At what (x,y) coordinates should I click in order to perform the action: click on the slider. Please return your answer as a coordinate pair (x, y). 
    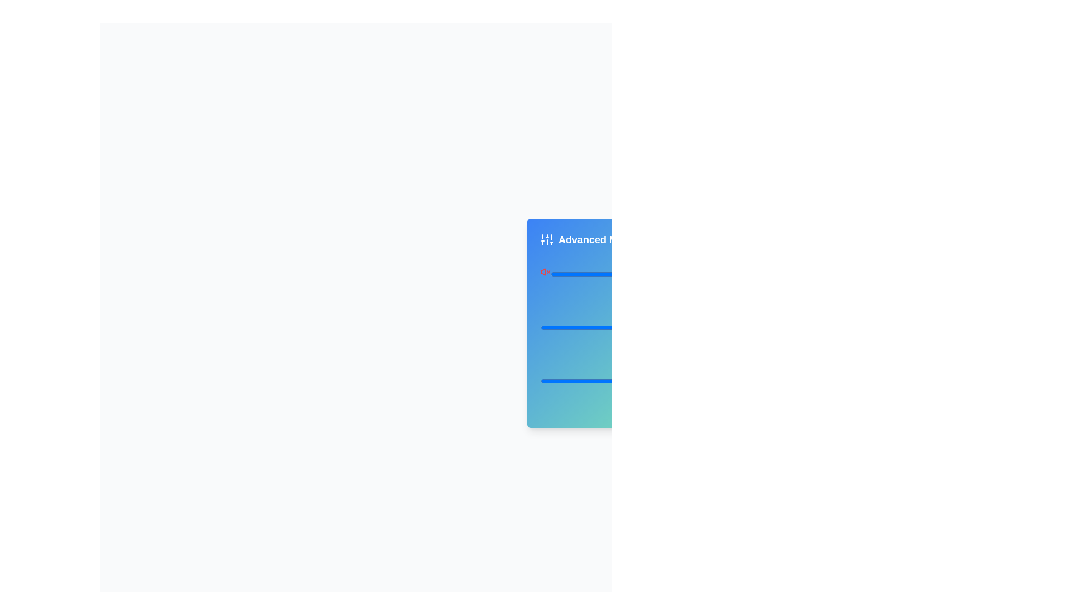
    Looking at the image, I should click on (613, 381).